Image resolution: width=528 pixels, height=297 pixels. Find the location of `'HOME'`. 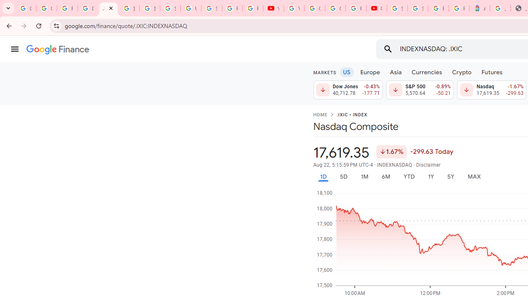

'HOME' is located at coordinates (320, 115).